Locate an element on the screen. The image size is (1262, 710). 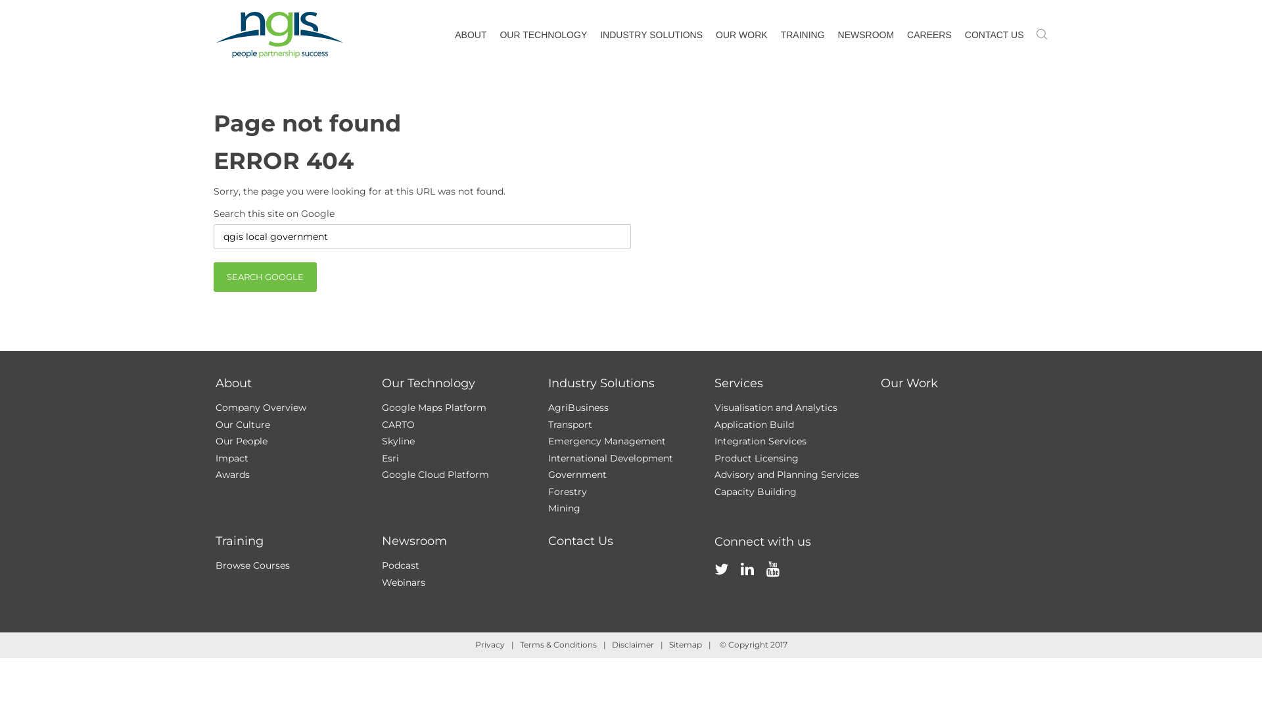
'Impact' is located at coordinates (232, 458).